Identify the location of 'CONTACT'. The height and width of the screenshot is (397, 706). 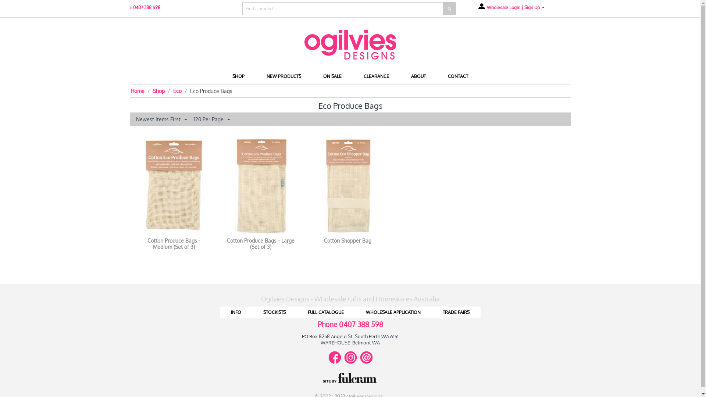
(457, 76).